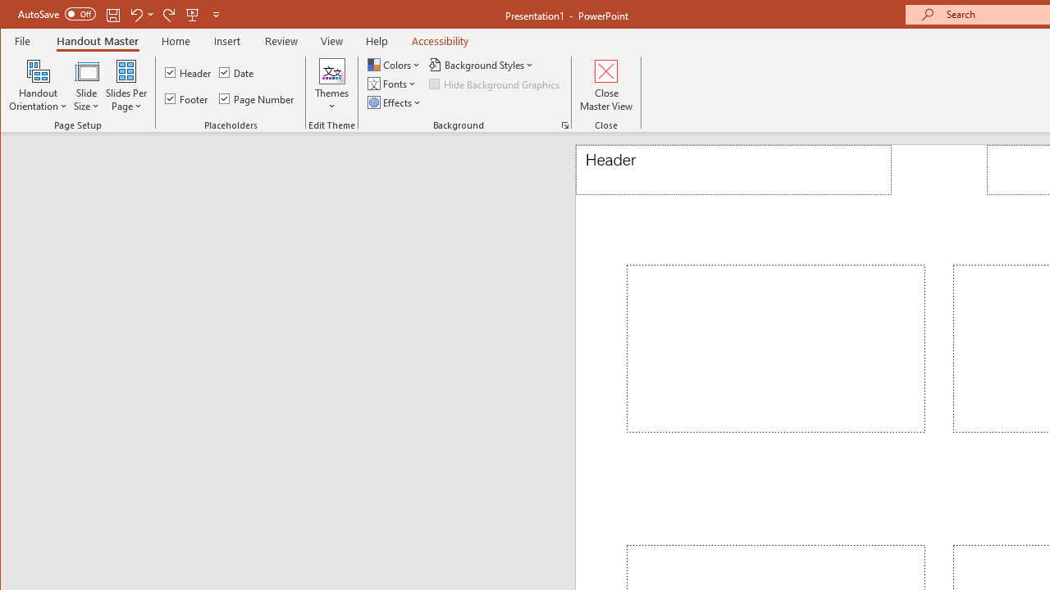 The width and height of the screenshot is (1050, 590). What do you see at coordinates (482, 64) in the screenshot?
I see `'Background Styles'` at bounding box center [482, 64].